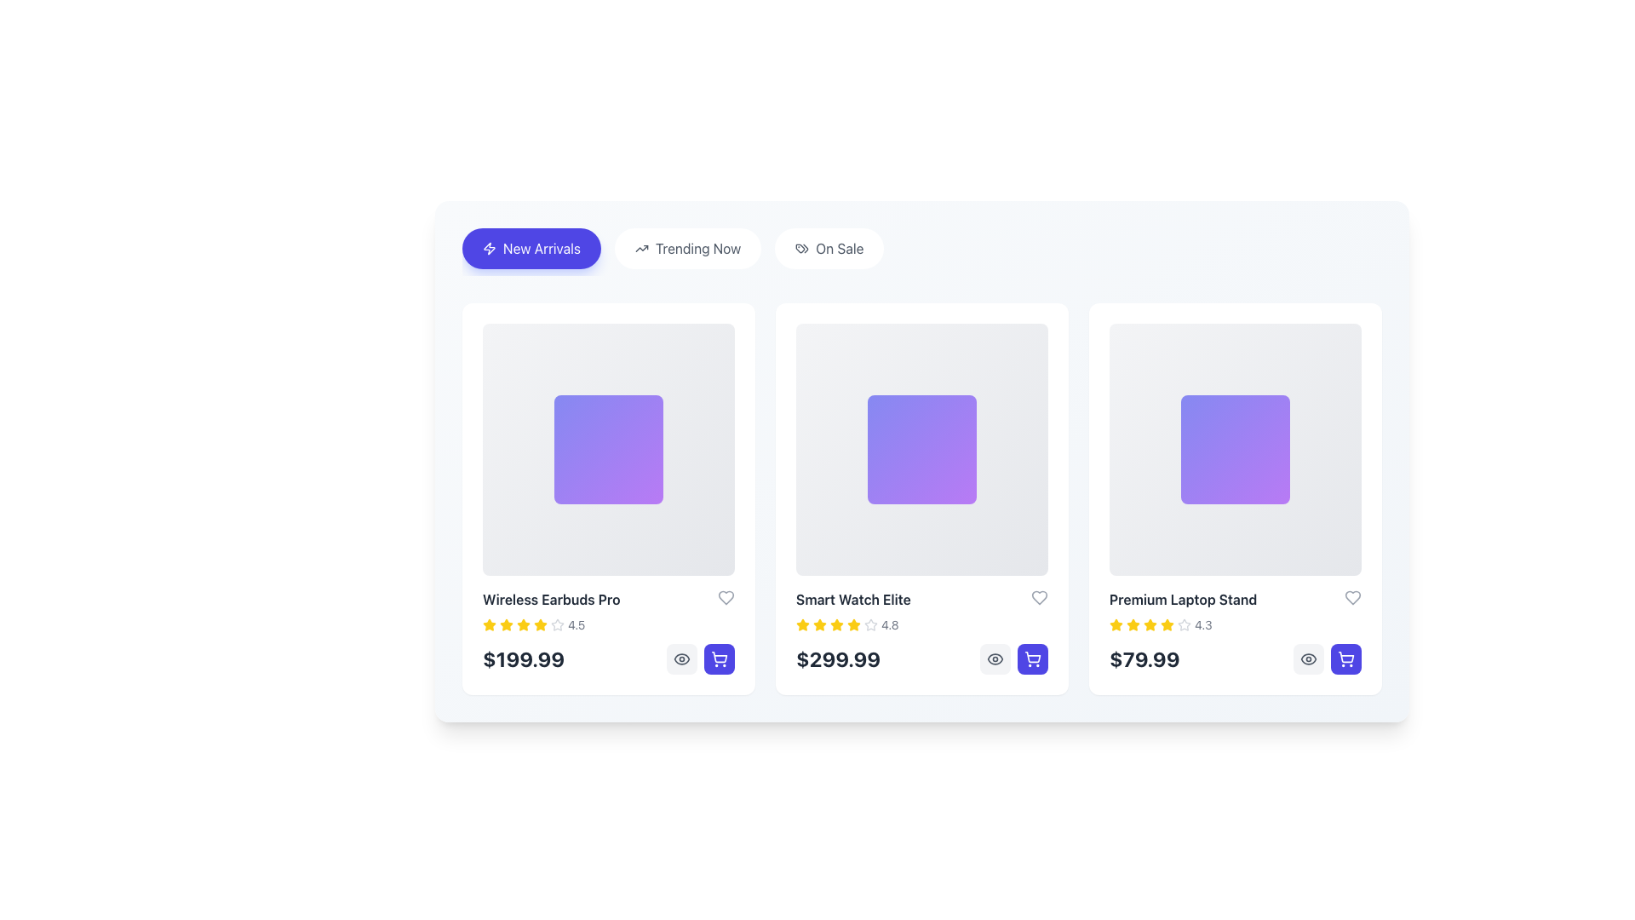  I want to click on the third star icon representing the product rating for the 'Smart Watch Elite', which is located directly underneath the product image and above the price section, so click(820, 624).